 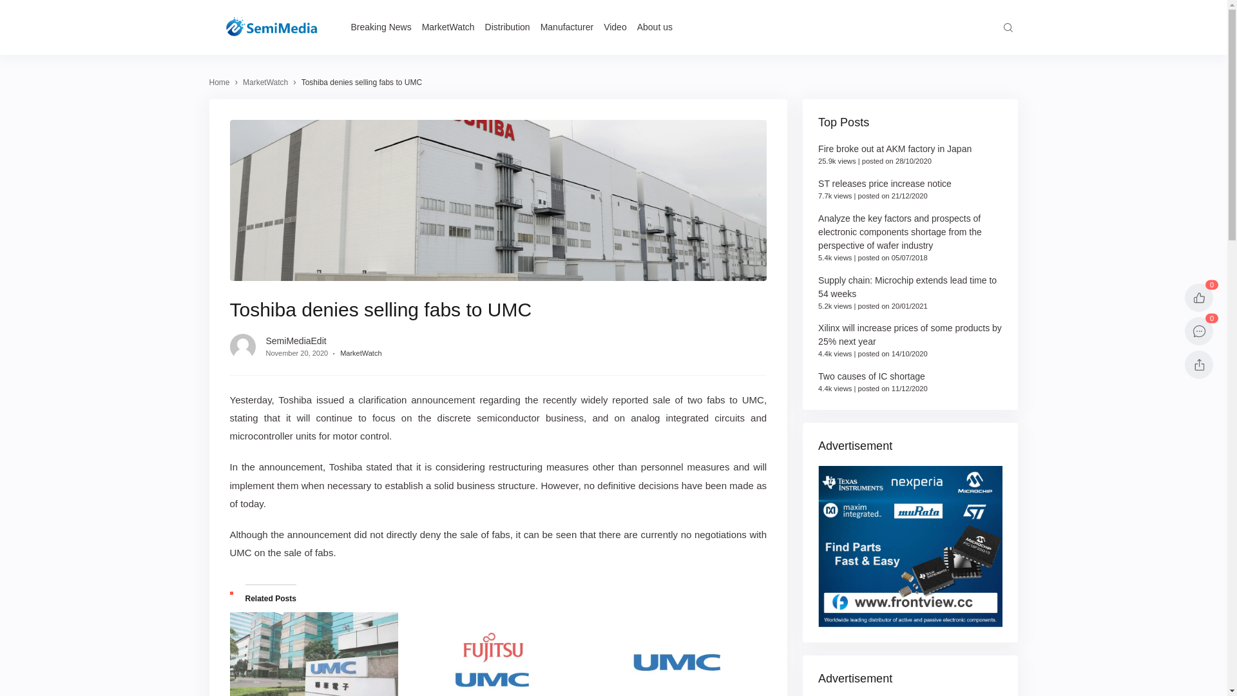 I want to click on 'Manufacturer', so click(x=541, y=27).